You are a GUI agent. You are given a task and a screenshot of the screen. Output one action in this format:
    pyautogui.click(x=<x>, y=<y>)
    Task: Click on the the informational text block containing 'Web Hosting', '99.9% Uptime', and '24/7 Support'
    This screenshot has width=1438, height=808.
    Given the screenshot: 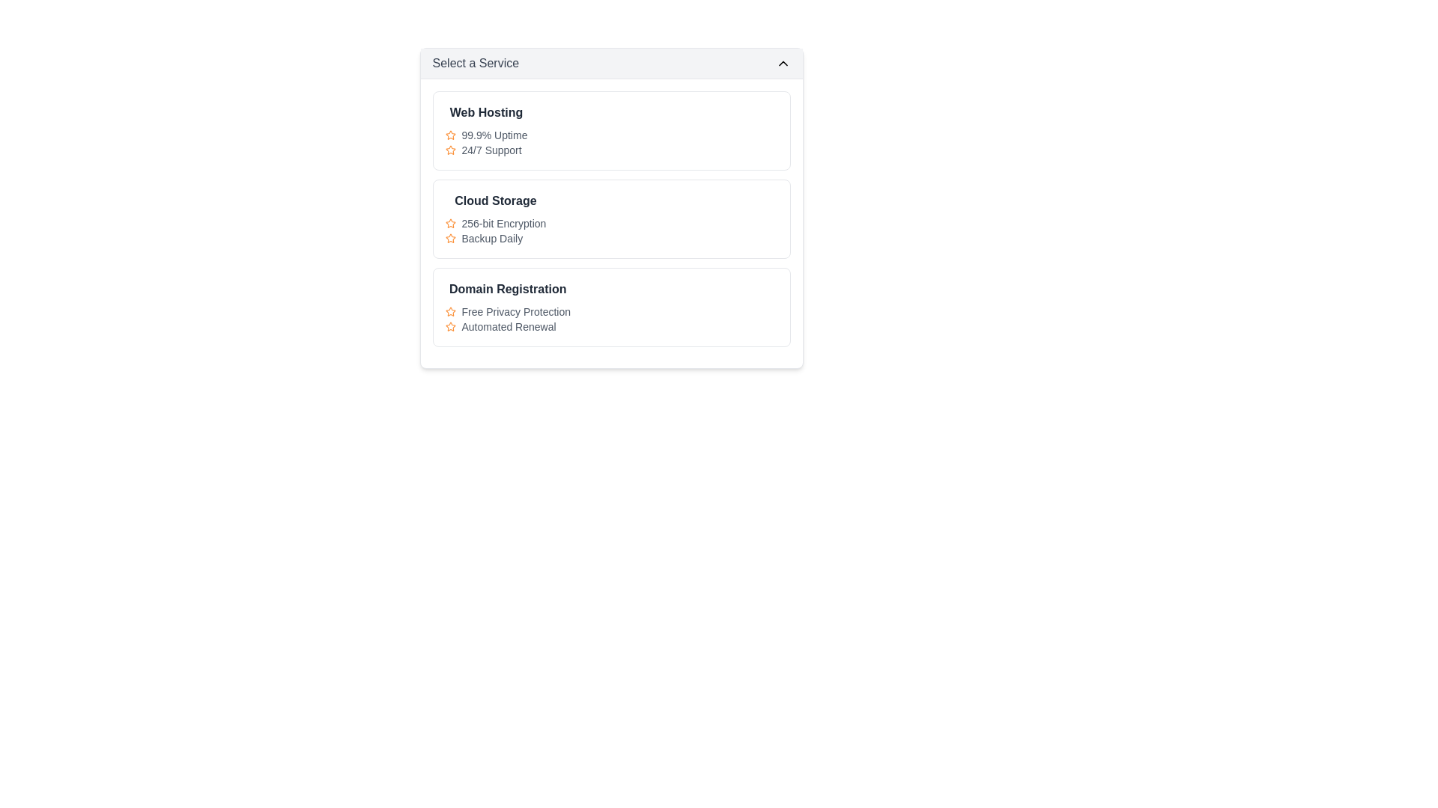 What is the action you would take?
    pyautogui.click(x=611, y=129)
    